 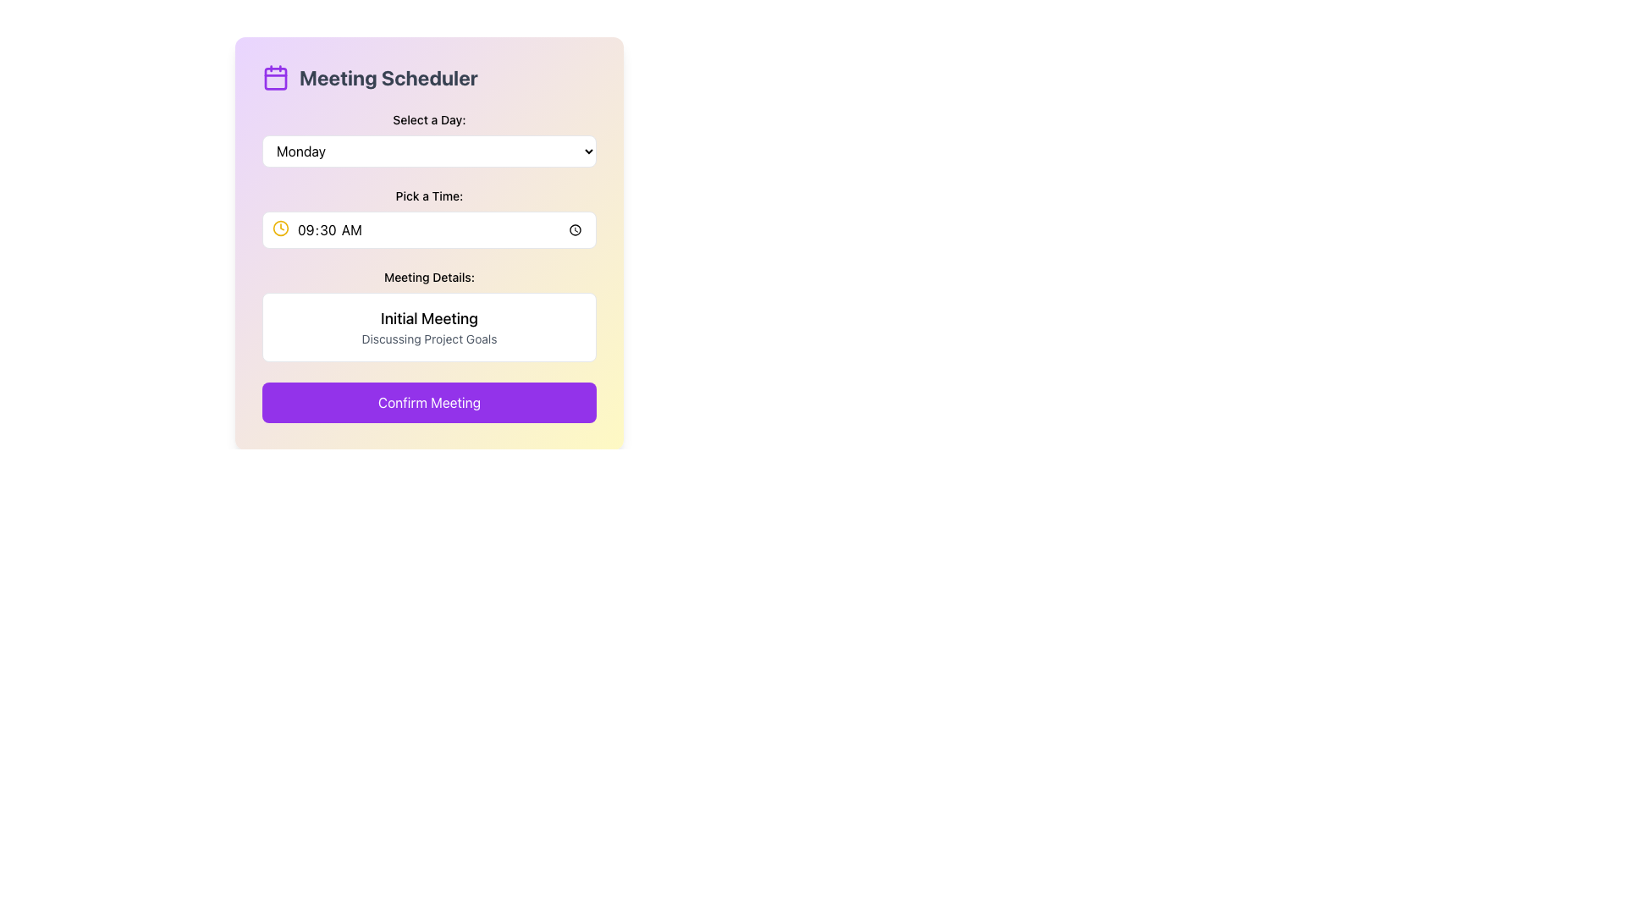 What do you see at coordinates (429, 402) in the screenshot?
I see `the 'Finalize' button at the bottom of the 'Meeting Scheduler' card` at bounding box center [429, 402].